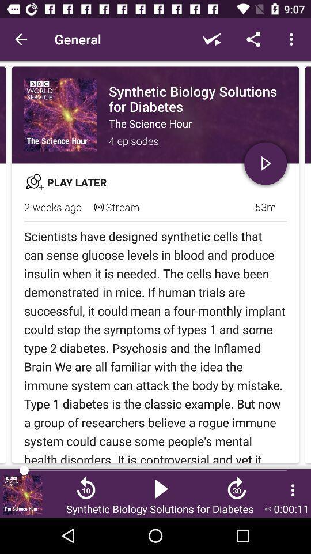 This screenshot has height=554, width=311. Describe the element at coordinates (236, 492) in the screenshot. I see `the av_forward icon` at that location.